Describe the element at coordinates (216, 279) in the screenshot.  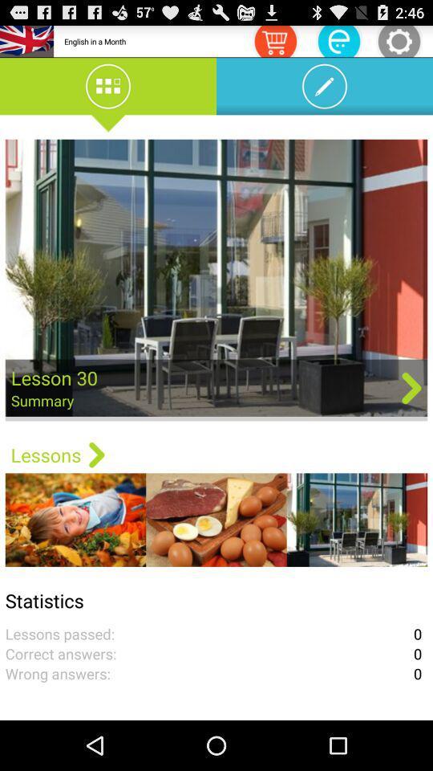
I see `lesson 30 summary` at that location.